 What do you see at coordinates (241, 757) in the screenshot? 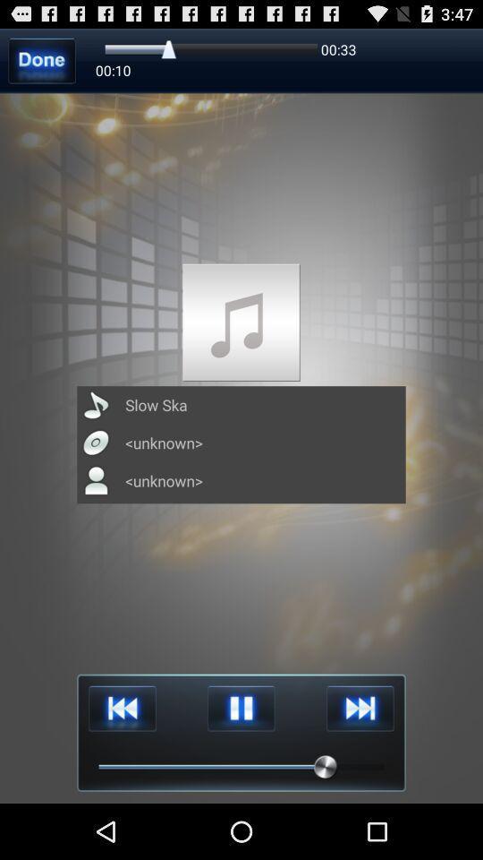
I see `the pause icon` at bounding box center [241, 757].